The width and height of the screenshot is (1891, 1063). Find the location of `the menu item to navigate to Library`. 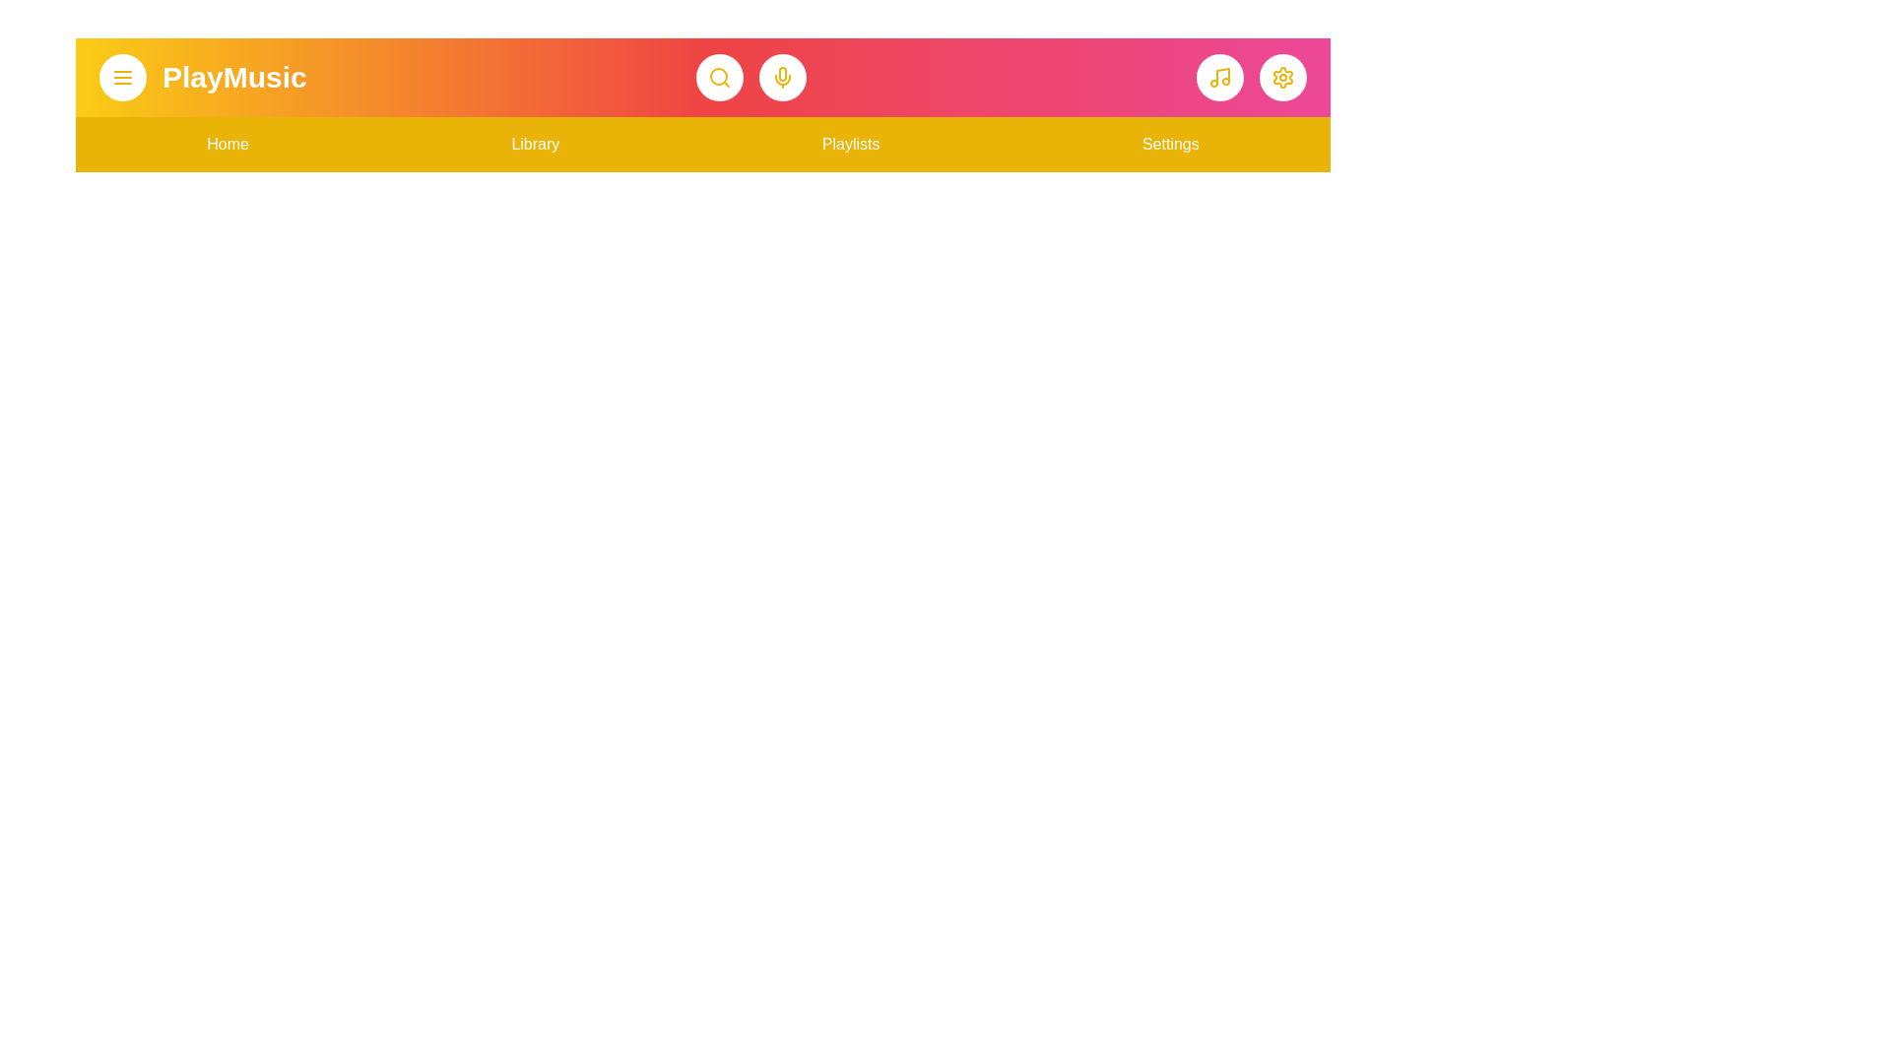

the menu item to navigate to Library is located at coordinates (535, 143).